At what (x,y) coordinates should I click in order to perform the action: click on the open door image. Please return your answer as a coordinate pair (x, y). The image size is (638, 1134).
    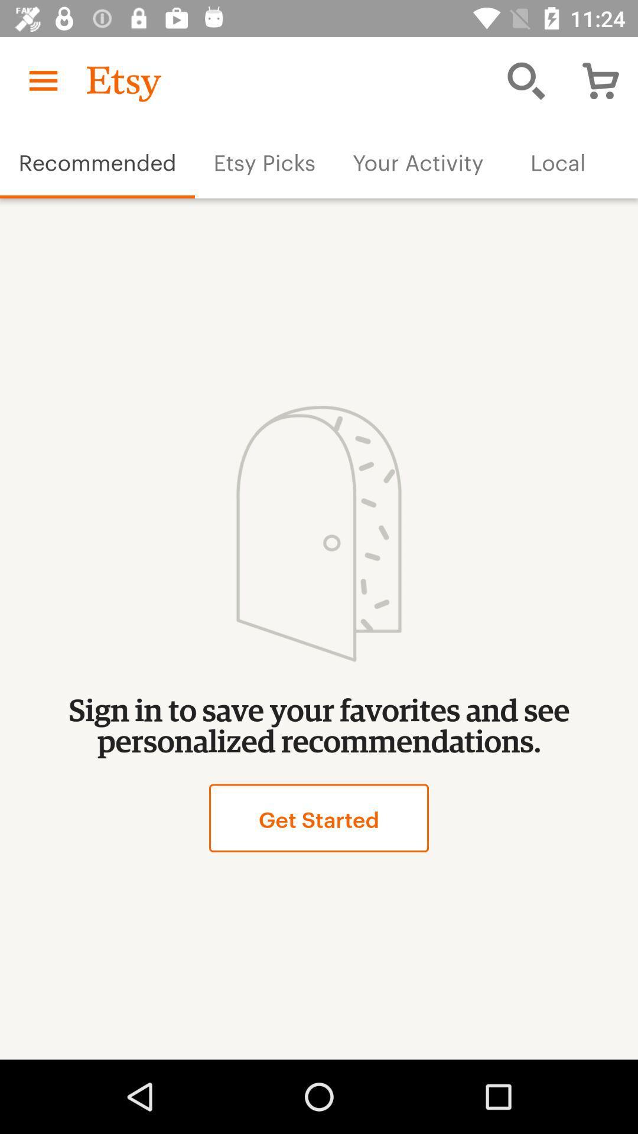
    Looking at the image, I should click on (318, 534).